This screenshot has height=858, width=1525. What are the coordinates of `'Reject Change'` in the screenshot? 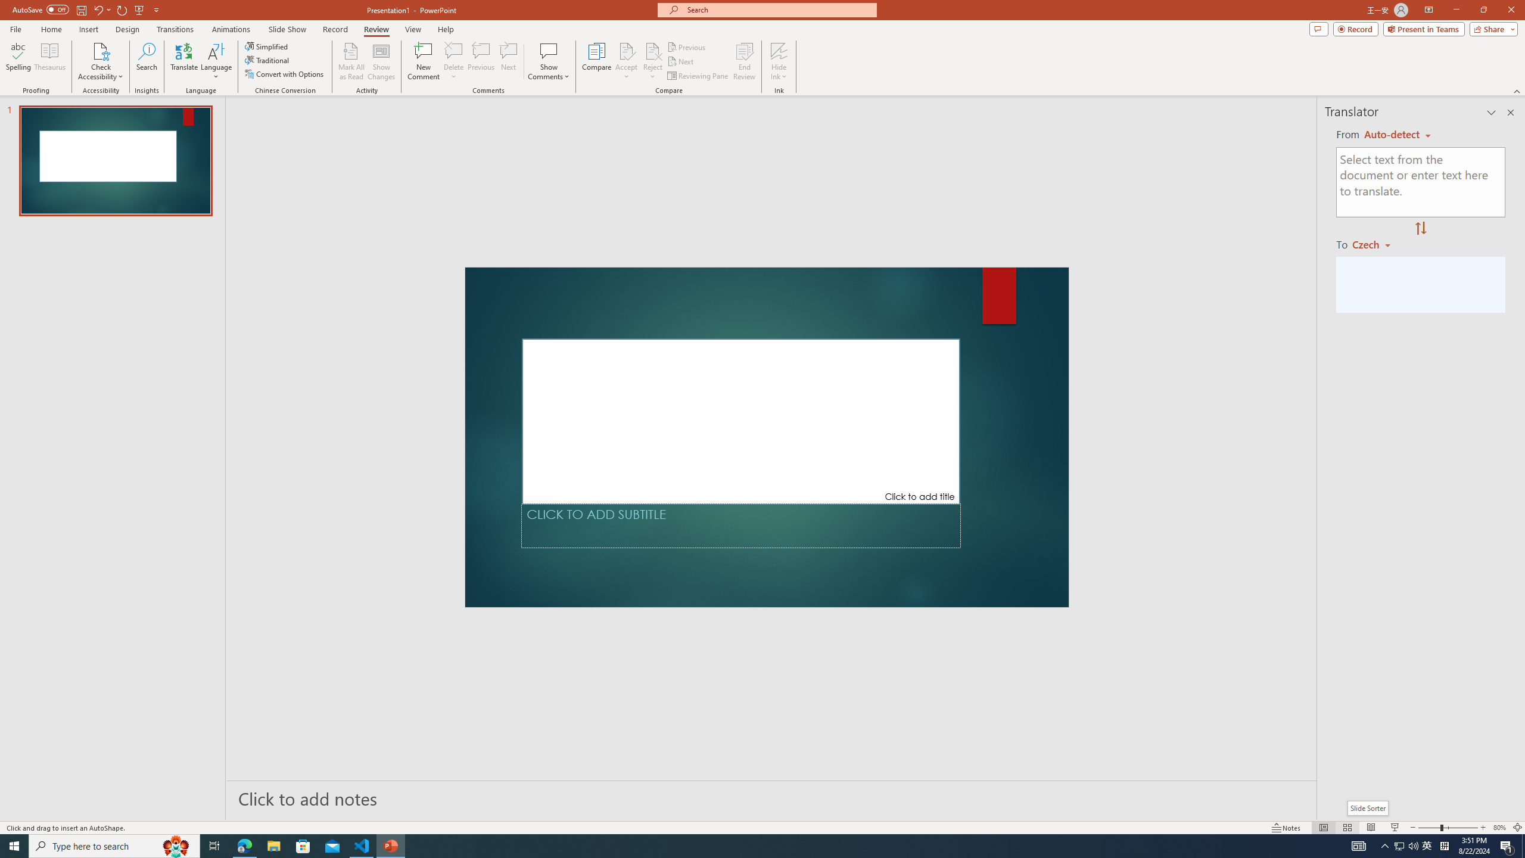 It's located at (652, 50).